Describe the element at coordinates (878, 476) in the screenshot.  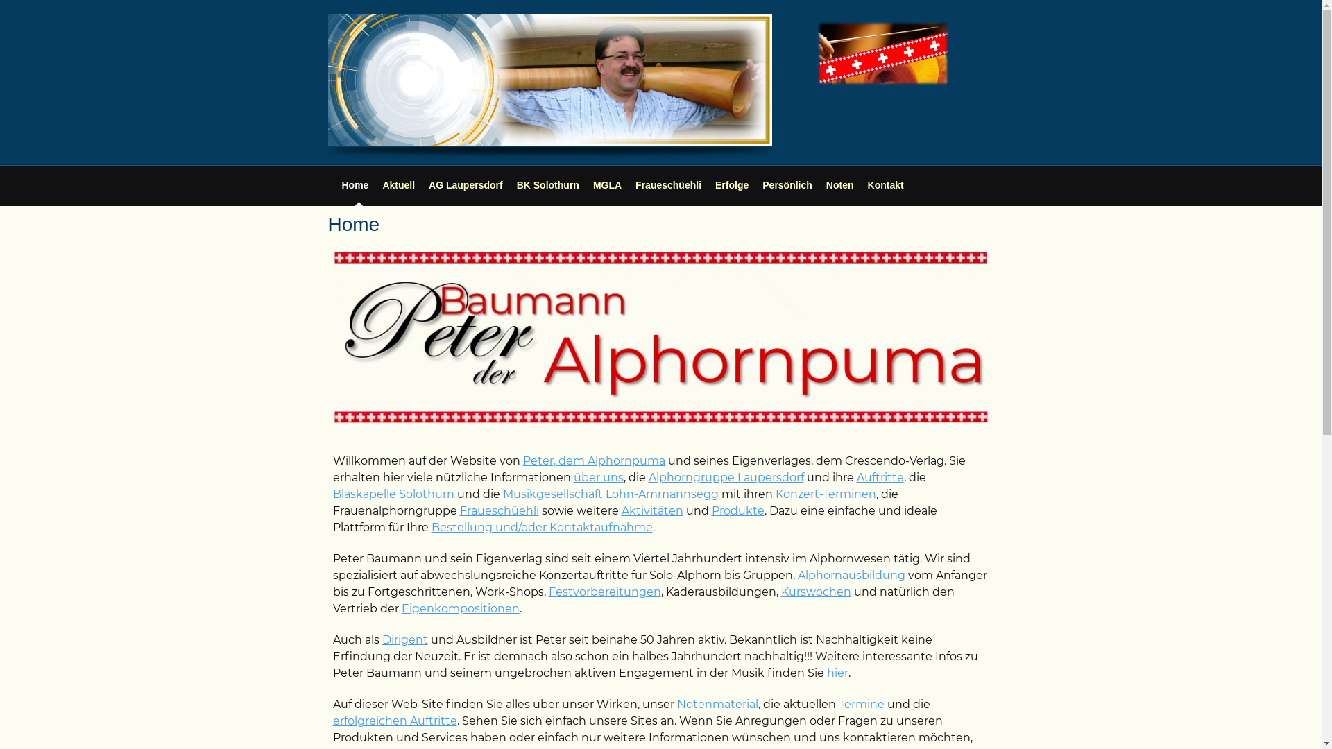
I see `'Auftritte'` at that location.